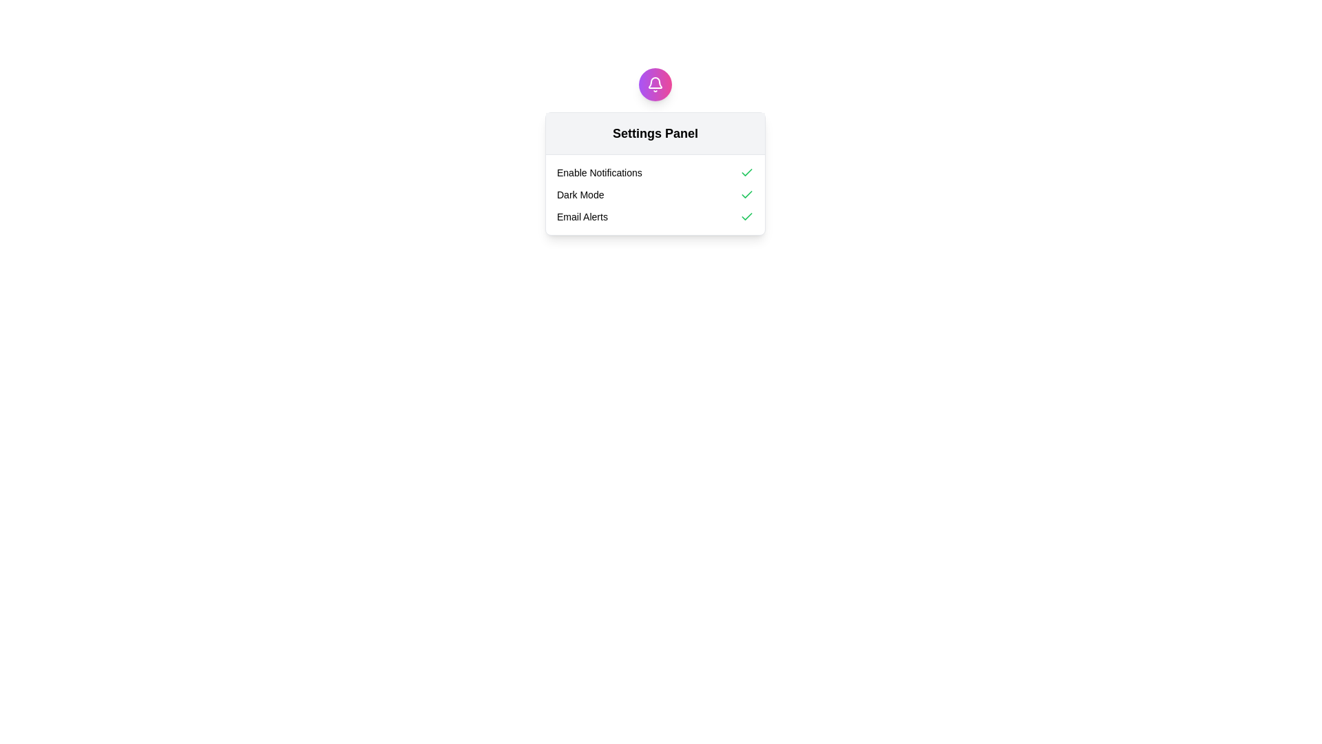 The image size is (1322, 744). Describe the element at coordinates (654, 194) in the screenshot. I see `the 'Dark Mode' setting row in the settings panel` at that location.